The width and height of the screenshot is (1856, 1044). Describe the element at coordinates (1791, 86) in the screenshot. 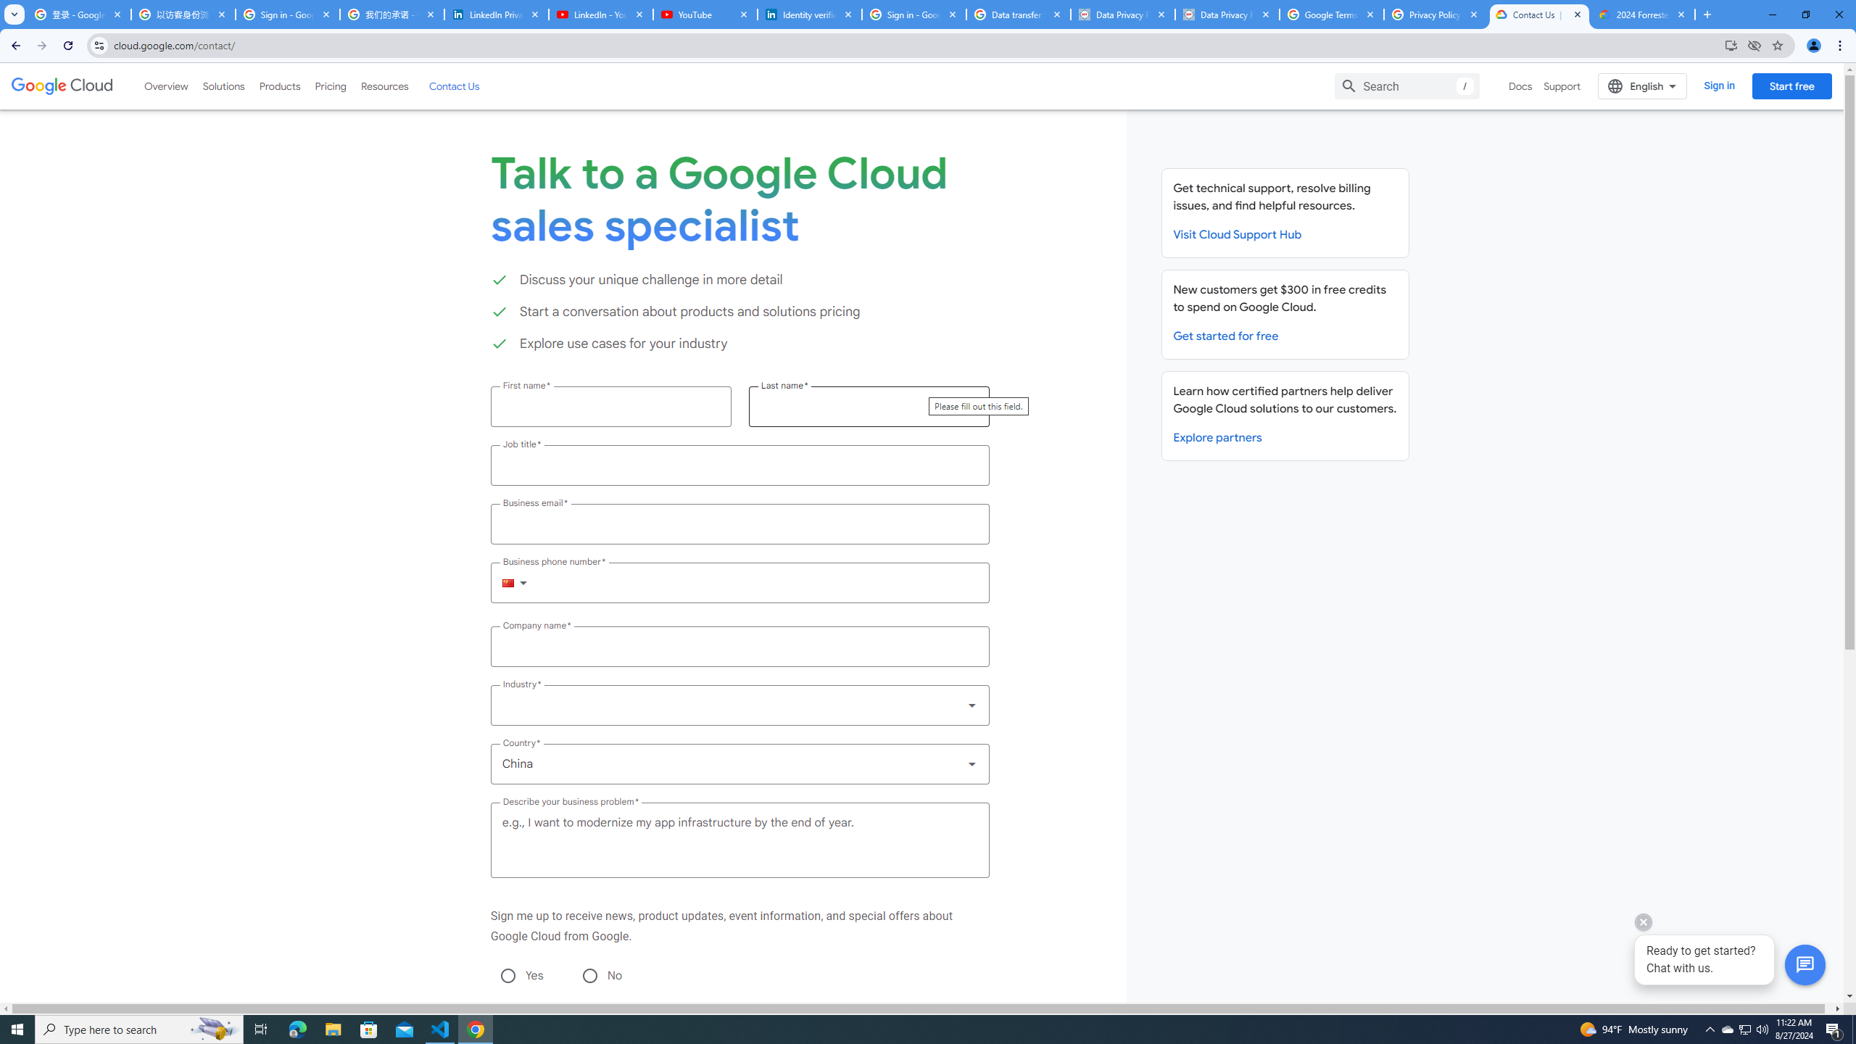

I see `'Start free'` at that location.